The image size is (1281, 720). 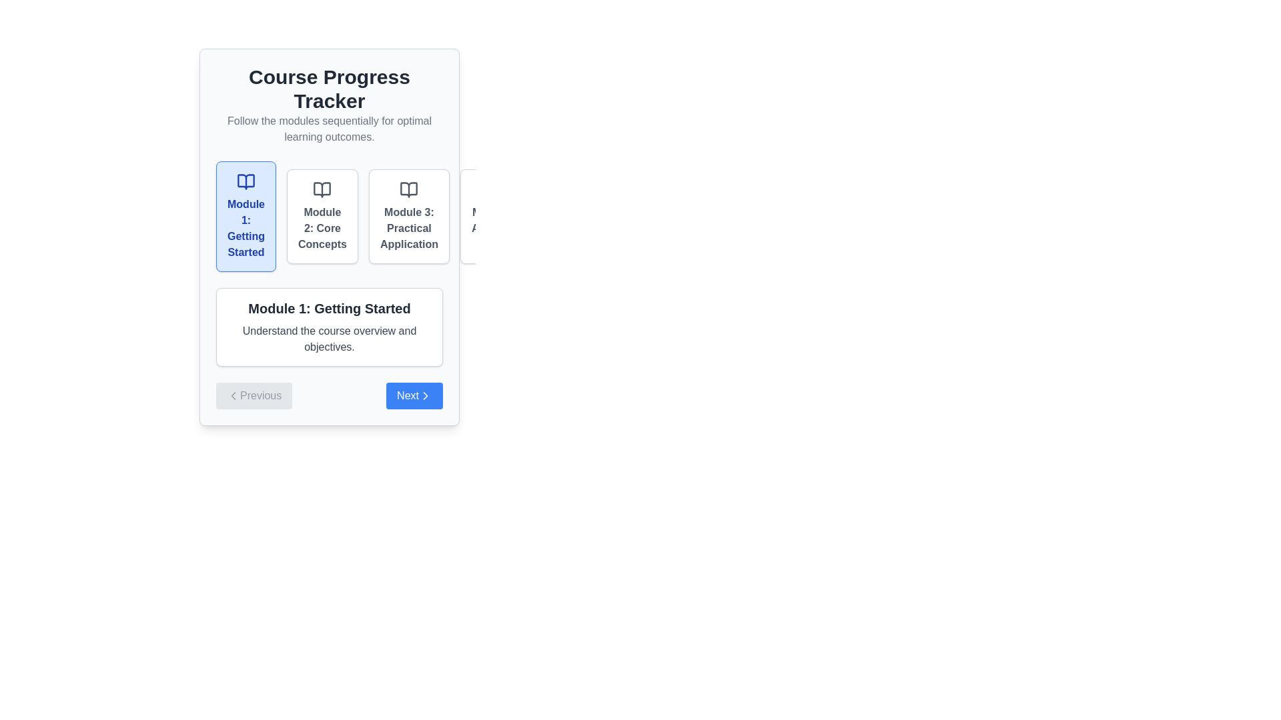 What do you see at coordinates (246, 182) in the screenshot?
I see `the icon depicting an open book located within the 'Module 1: Getting Started' button to trigger tooltip or visual feedback` at bounding box center [246, 182].